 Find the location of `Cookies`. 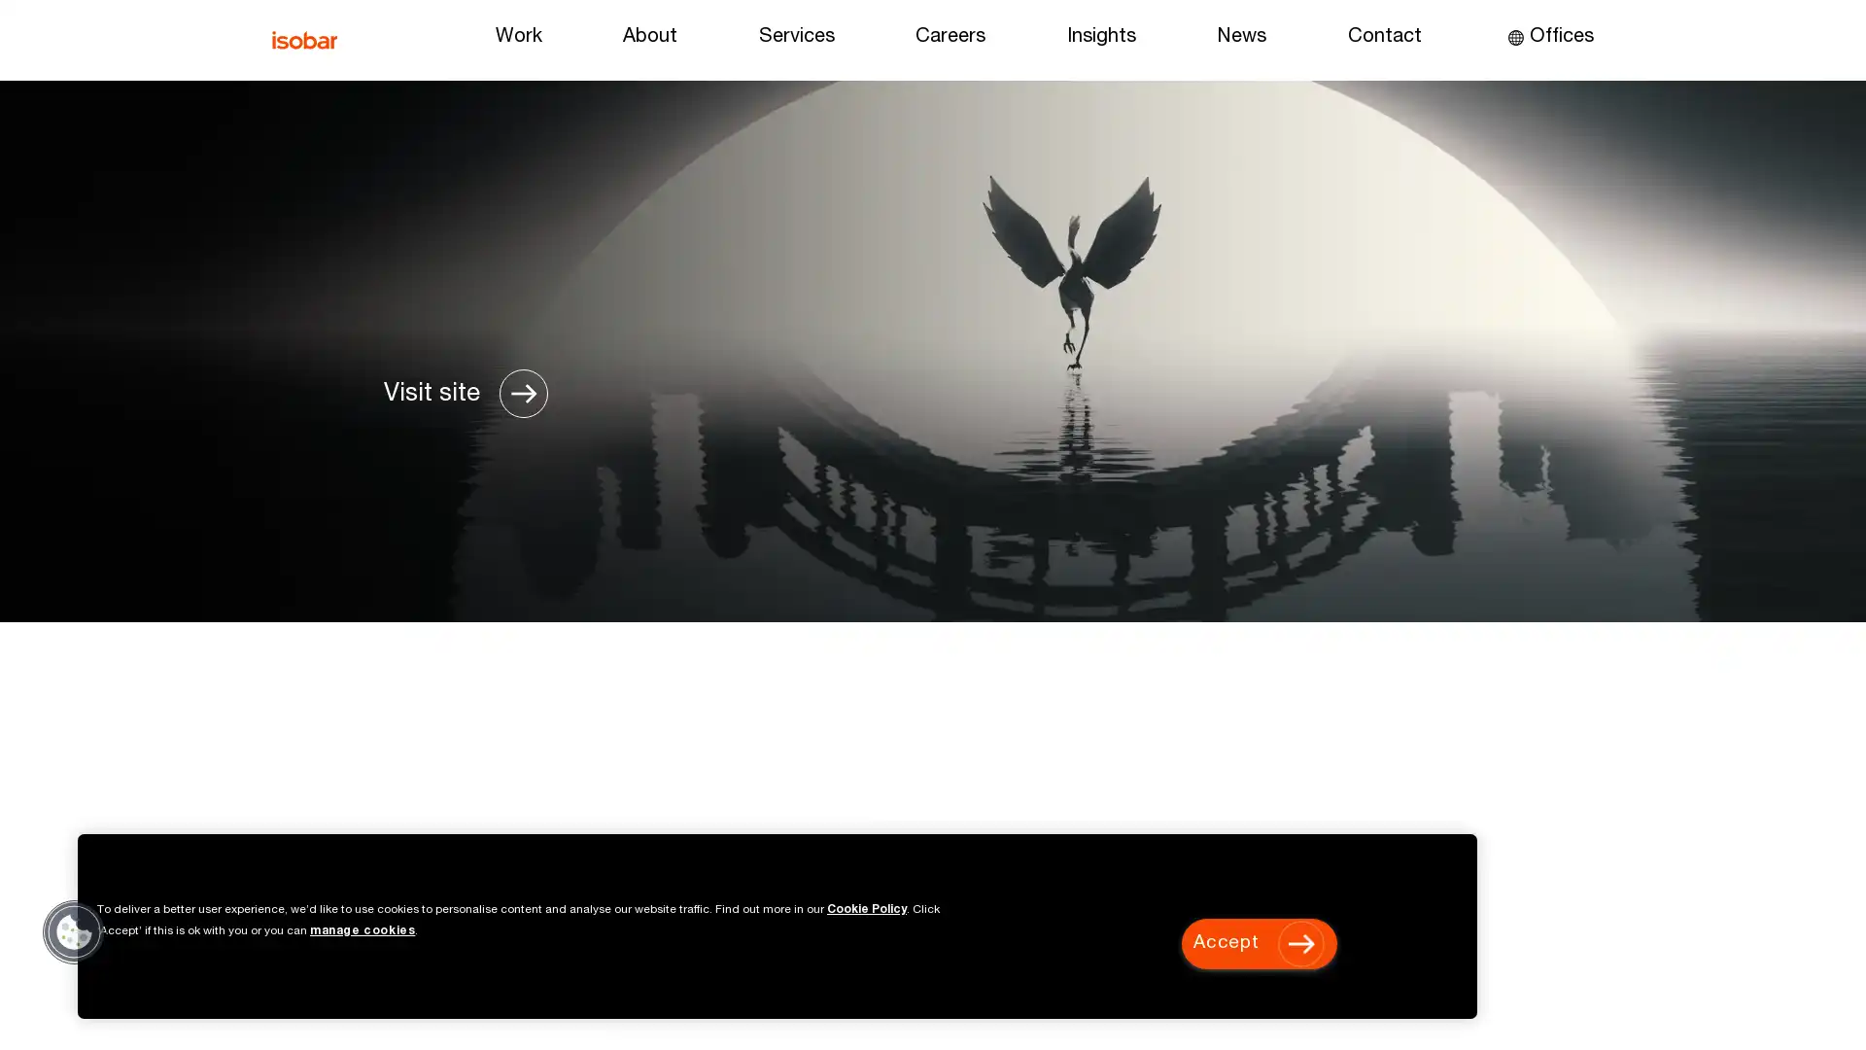

Cookies is located at coordinates (74, 929).